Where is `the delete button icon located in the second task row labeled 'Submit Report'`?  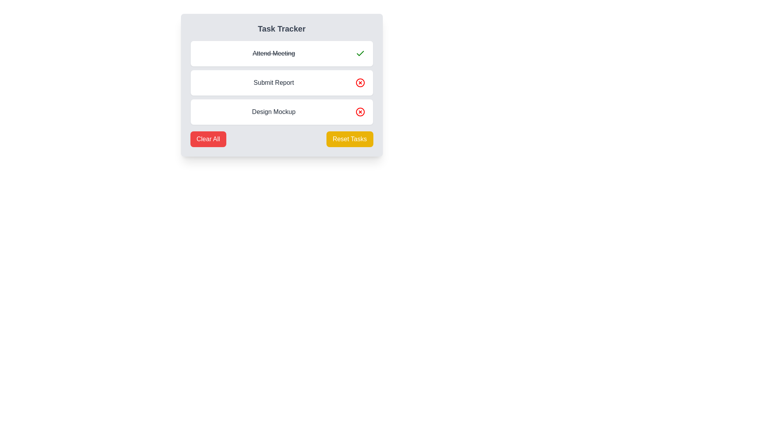
the delete button icon located in the second task row labeled 'Submit Report' is located at coordinates (360, 82).